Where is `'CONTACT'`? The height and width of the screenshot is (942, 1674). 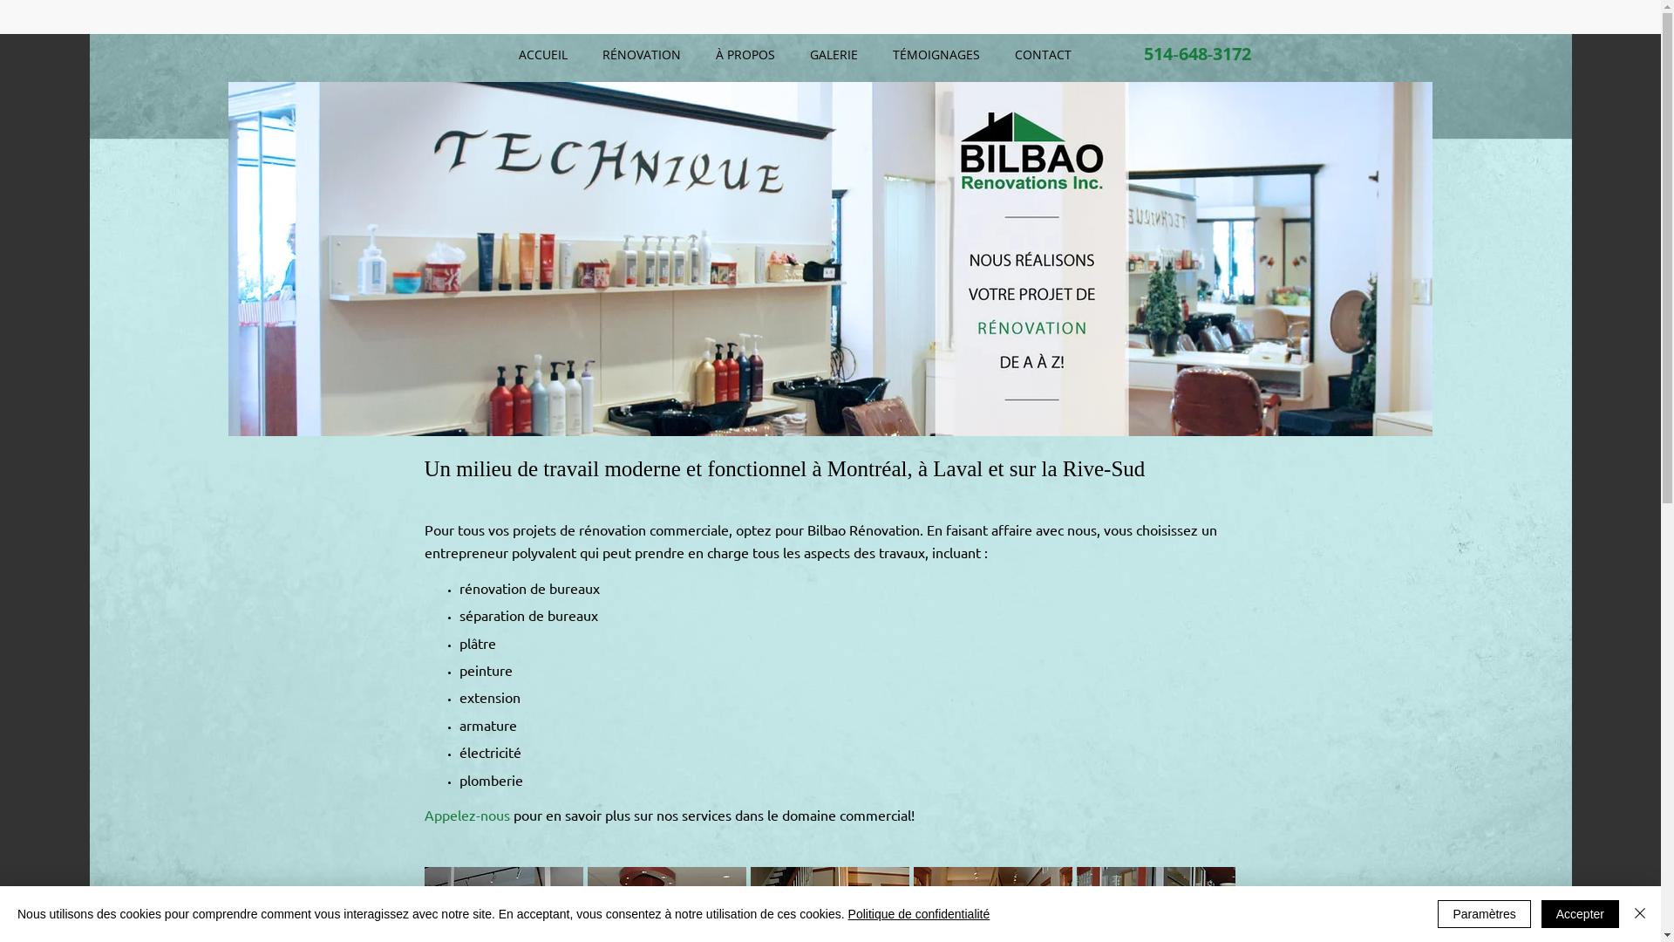 'CONTACT' is located at coordinates (1043, 53).